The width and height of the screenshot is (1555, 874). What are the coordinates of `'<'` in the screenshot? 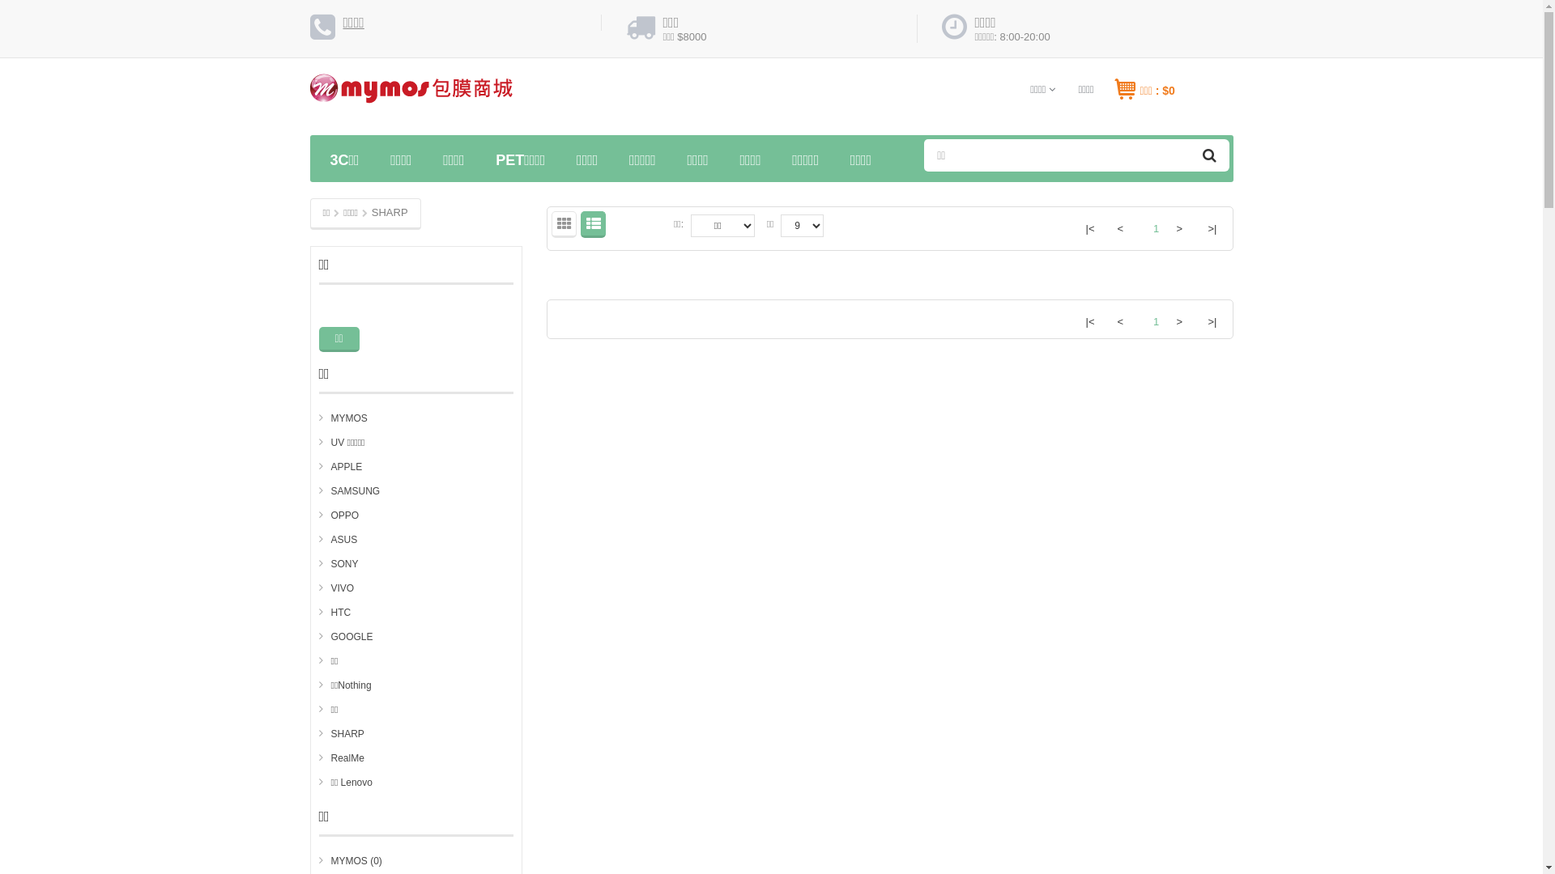 It's located at (1121, 227).